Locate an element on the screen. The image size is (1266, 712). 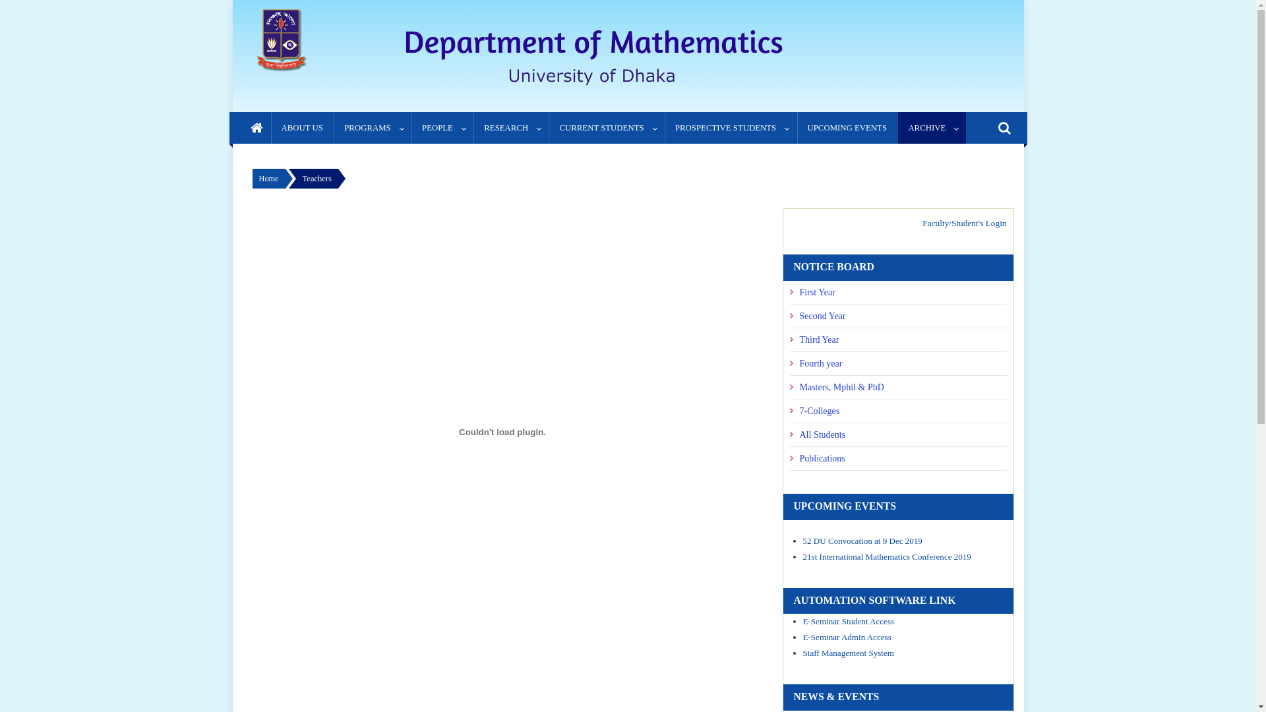
'21st International Mathematics Conference 2019' is located at coordinates (887, 556).